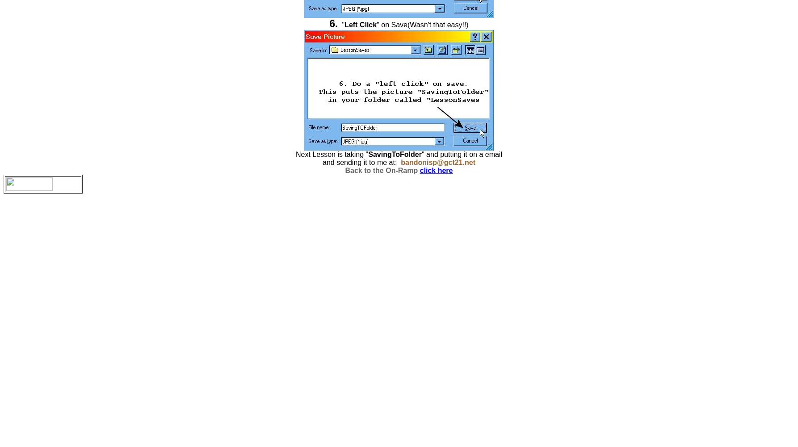 The width and height of the screenshot is (798, 447). Describe the element at coordinates (381, 170) in the screenshot. I see `'Back to
the On-Ramp'` at that location.